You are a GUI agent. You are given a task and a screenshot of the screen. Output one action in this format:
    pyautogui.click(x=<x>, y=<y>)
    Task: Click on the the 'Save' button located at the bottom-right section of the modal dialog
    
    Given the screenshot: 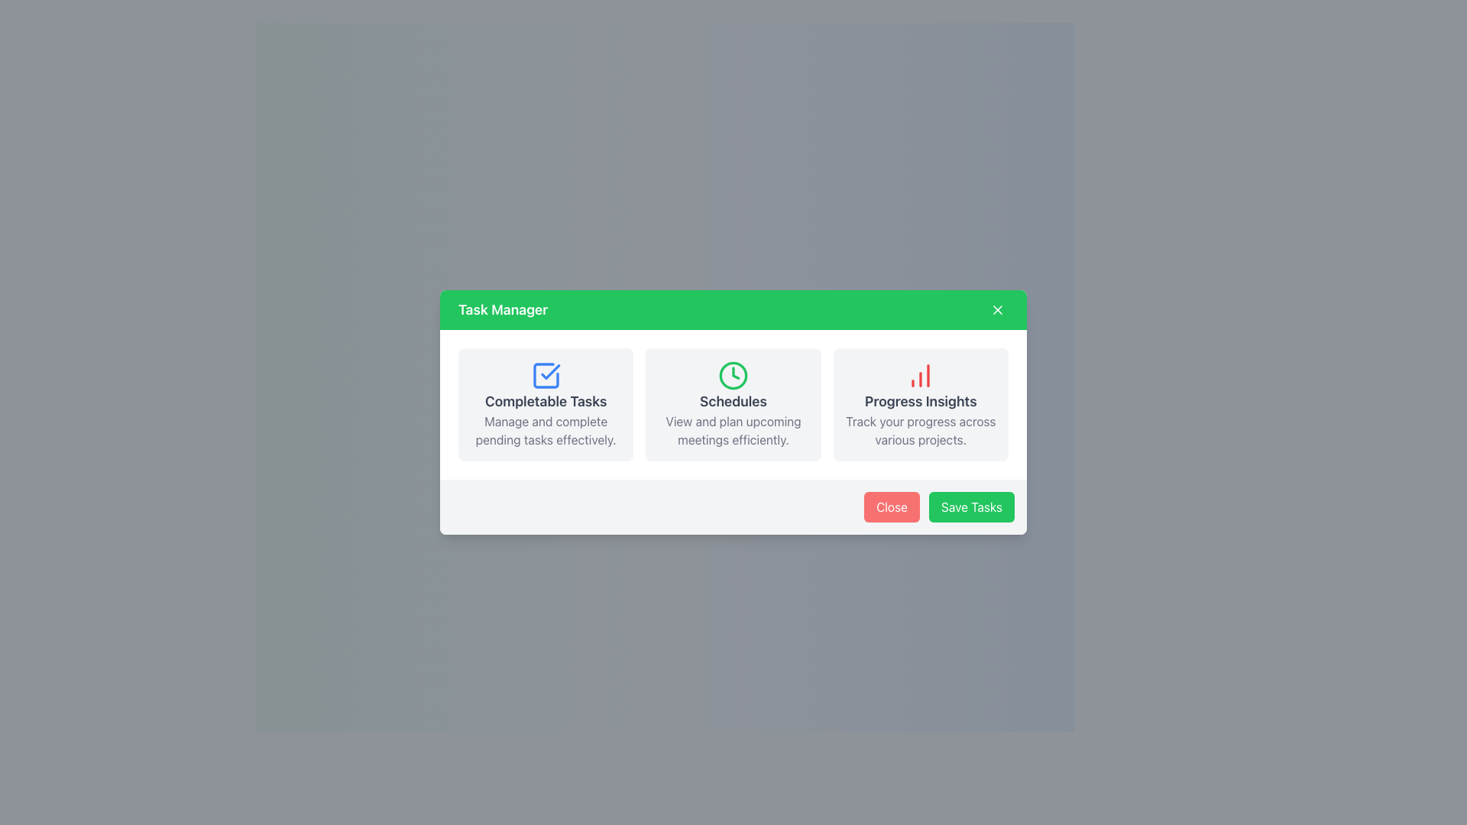 What is the action you would take?
    pyautogui.click(x=970, y=506)
    